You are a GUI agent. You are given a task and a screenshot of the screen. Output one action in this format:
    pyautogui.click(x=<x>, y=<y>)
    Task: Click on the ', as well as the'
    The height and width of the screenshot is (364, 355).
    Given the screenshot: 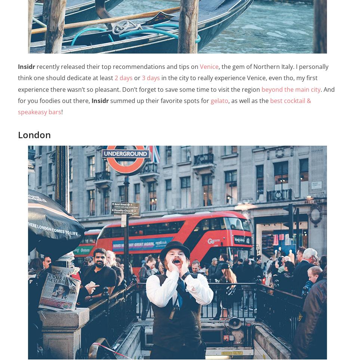 What is the action you would take?
    pyautogui.click(x=249, y=100)
    